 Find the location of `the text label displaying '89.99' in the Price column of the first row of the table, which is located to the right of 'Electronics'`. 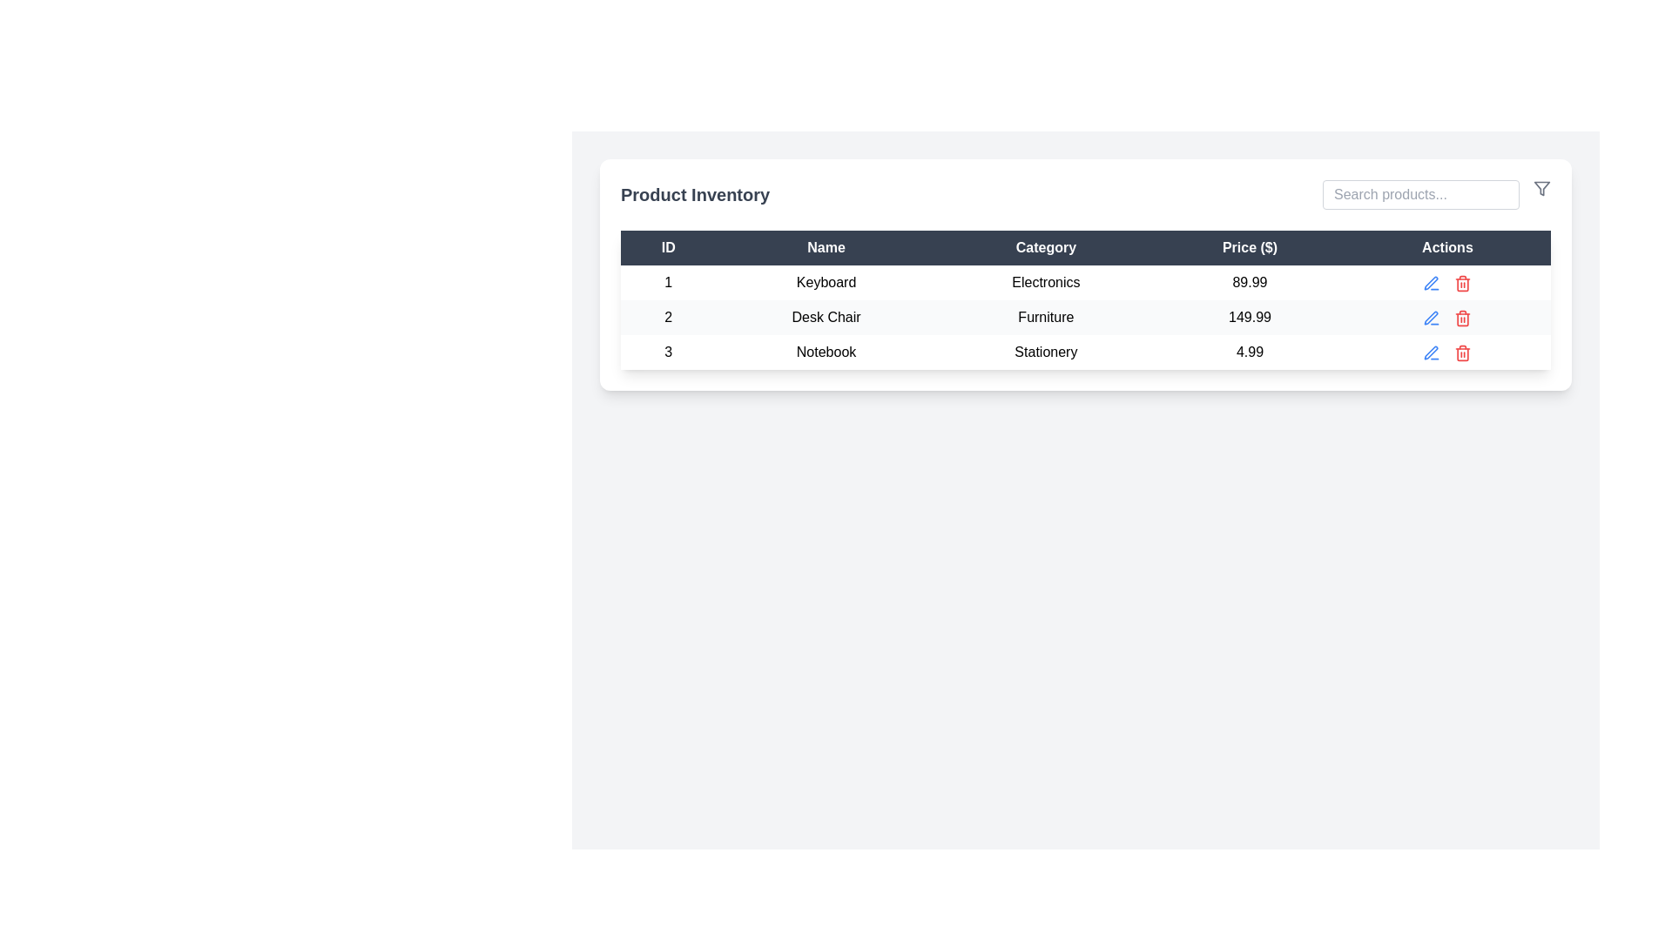

the text label displaying '89.99' in the Price column of the first row of the table, which is located to the right of 'Electronics' is located at coordinates (1249, 281).